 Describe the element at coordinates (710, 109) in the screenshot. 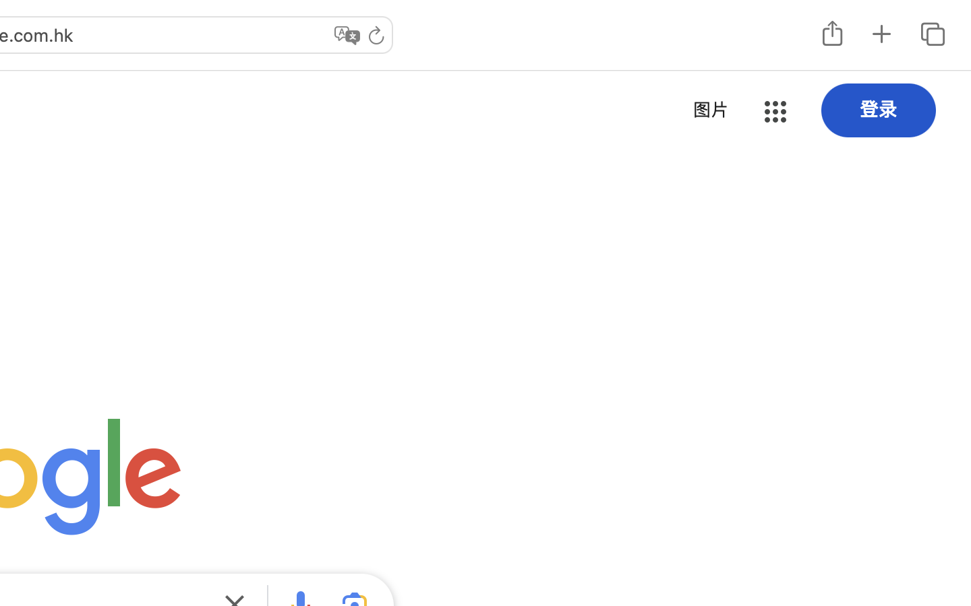

I see `'图片'` at that location.